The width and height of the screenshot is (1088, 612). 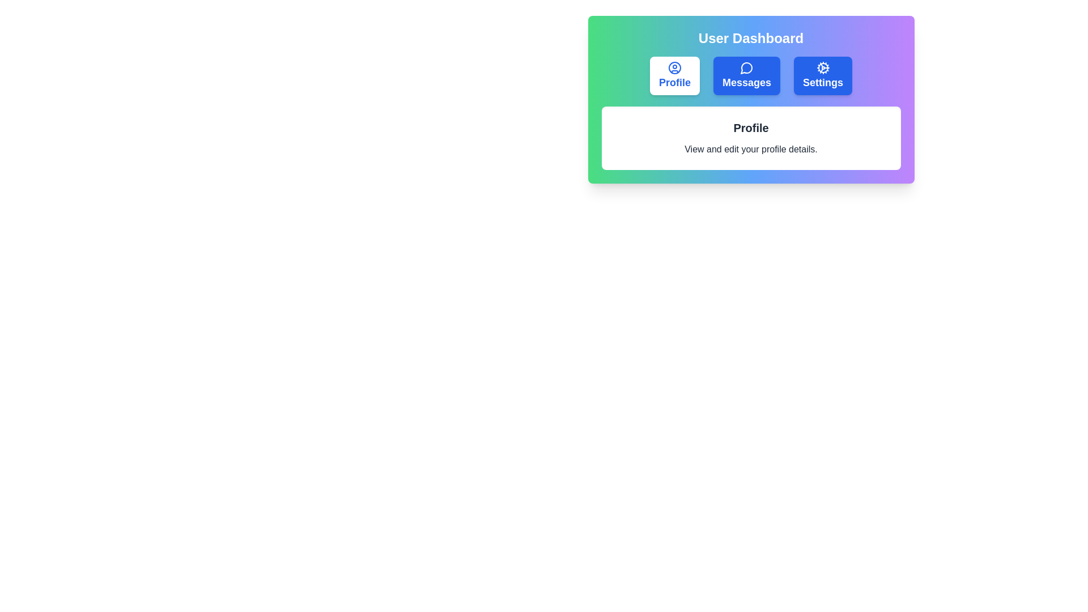 I want to click on the cogwheel icon located inside the Settings button, the third button from the left in the top row of the User Dashboard card, to trigger a tooltip, so click(x=823, y=67).